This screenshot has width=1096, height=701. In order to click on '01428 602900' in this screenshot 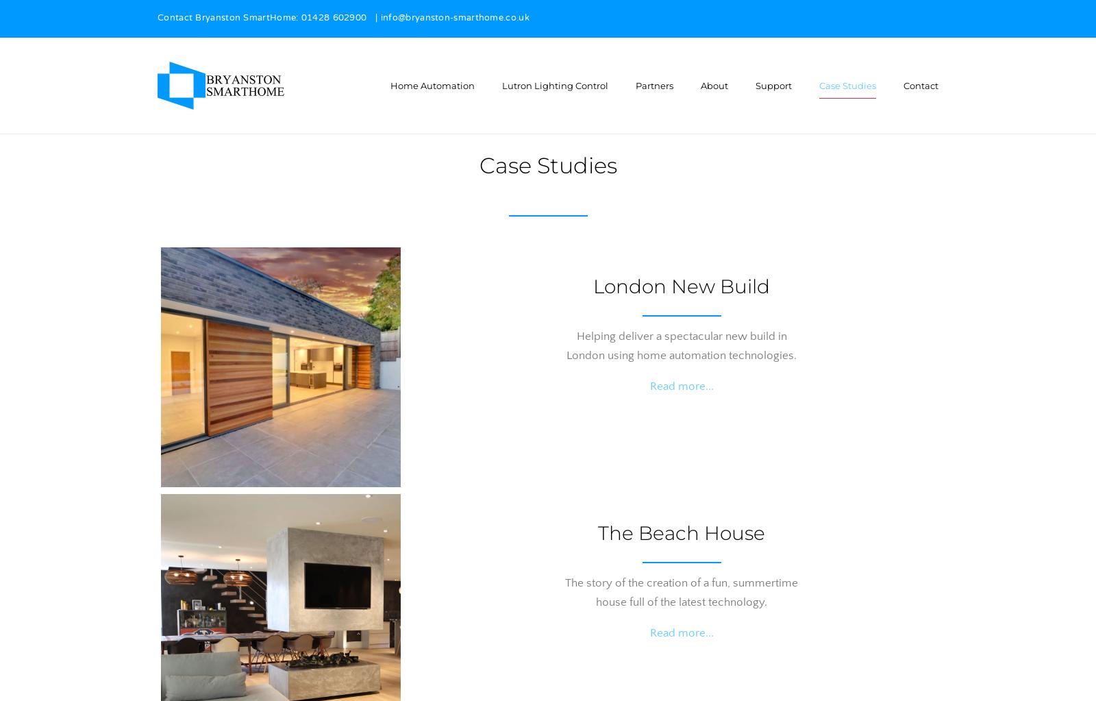, I will do `click(333, 19)`.